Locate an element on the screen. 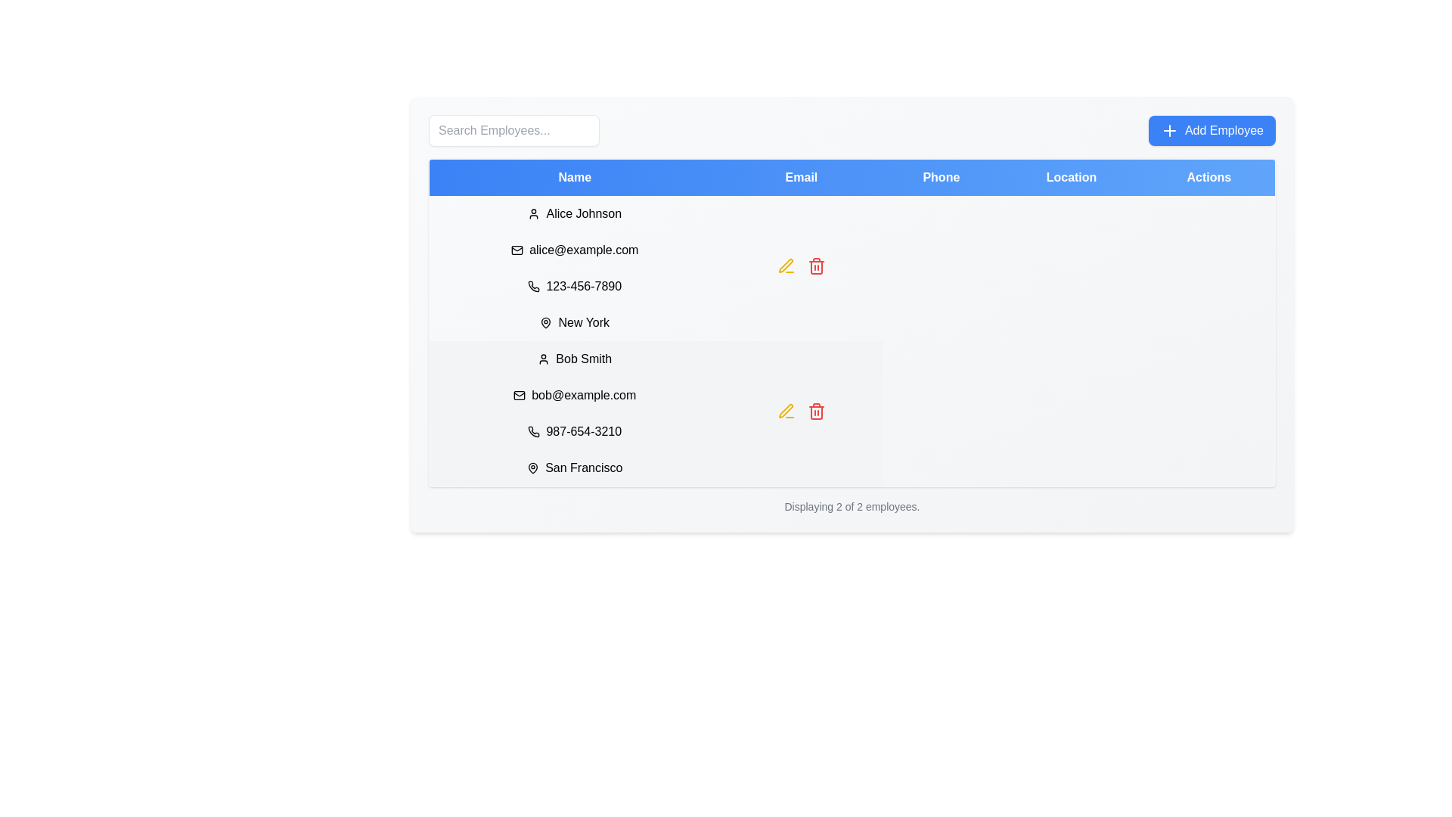 The width and height of the screenshot is (1452, 817). the text label displaying 'Bob Smith' which is located in the second row of the table under the 'Name' column, to the left of the email 'bob@example.com' is located at coordinates (574, 359).